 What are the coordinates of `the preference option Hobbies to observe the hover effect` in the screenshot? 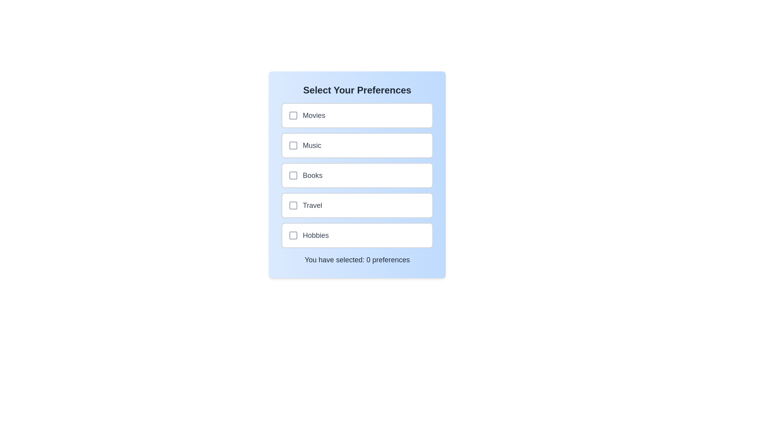 It's located at (357, 235).